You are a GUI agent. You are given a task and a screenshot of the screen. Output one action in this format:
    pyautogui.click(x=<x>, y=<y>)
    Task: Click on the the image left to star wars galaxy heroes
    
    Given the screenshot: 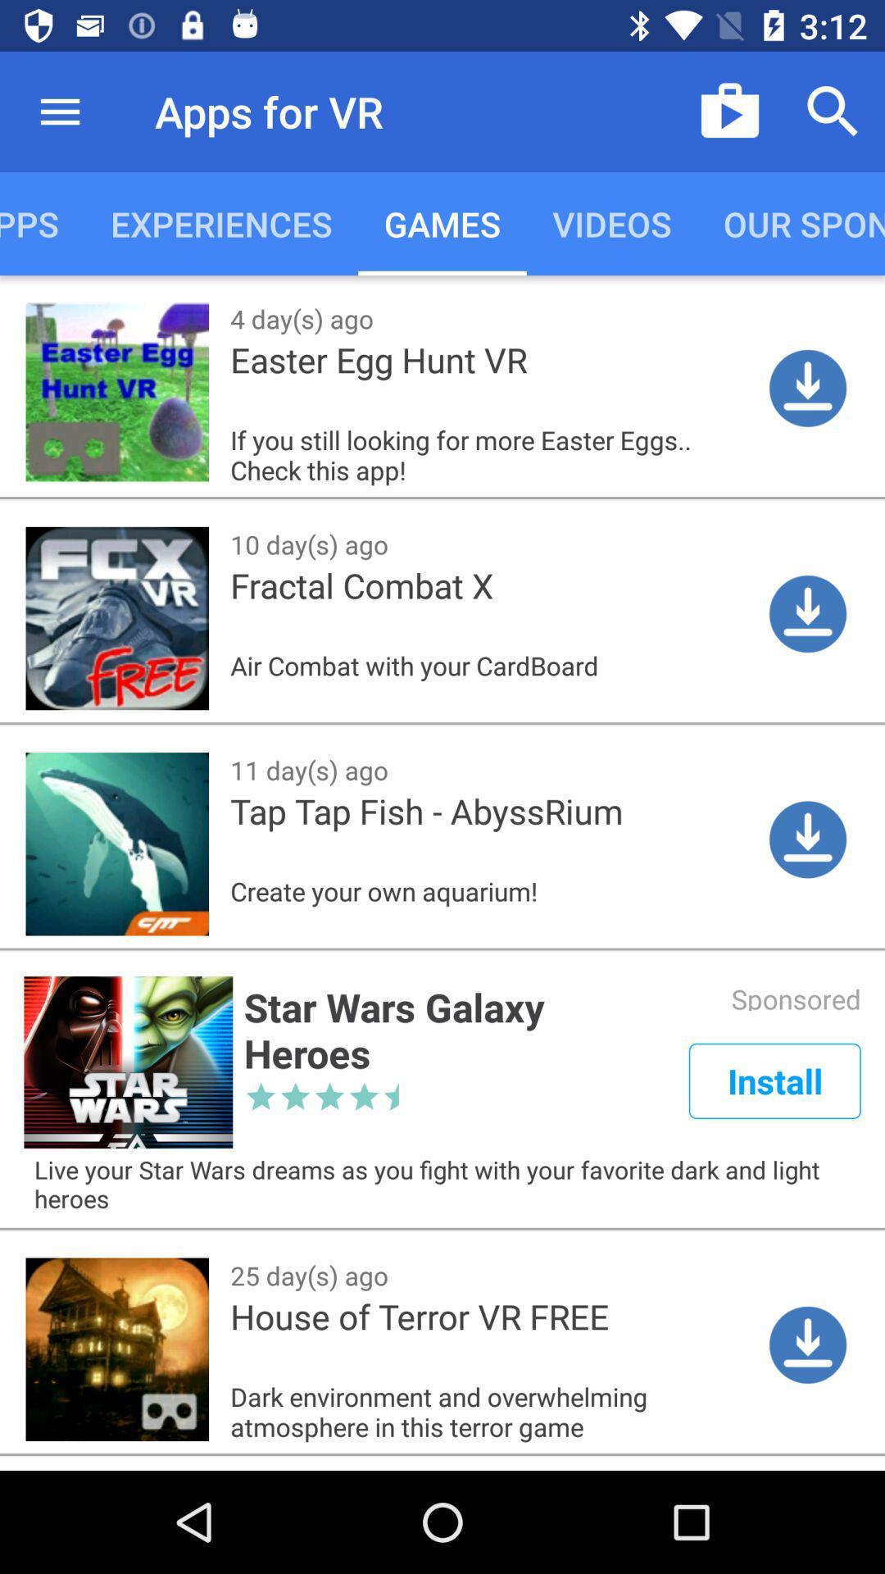 What is the action you would take?
    pyautogui.click(x=127, y=1062)
    